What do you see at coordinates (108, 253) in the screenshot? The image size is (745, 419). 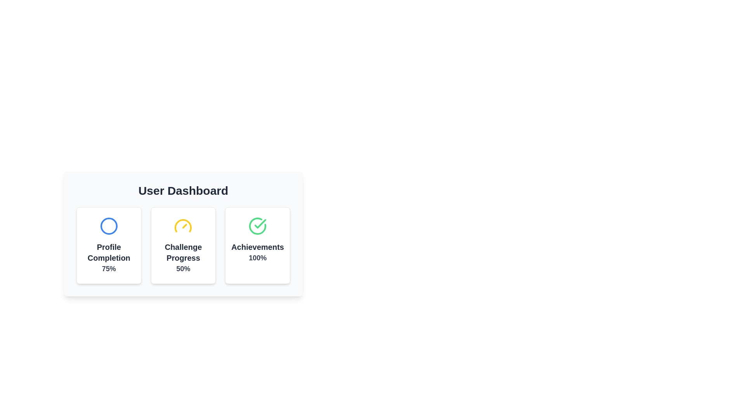 I see `the text label in the first card that provides context about the progress detail, which is located beneath a blue circular icon and above the percentage value '75%'` at bounding box center [108, 253].